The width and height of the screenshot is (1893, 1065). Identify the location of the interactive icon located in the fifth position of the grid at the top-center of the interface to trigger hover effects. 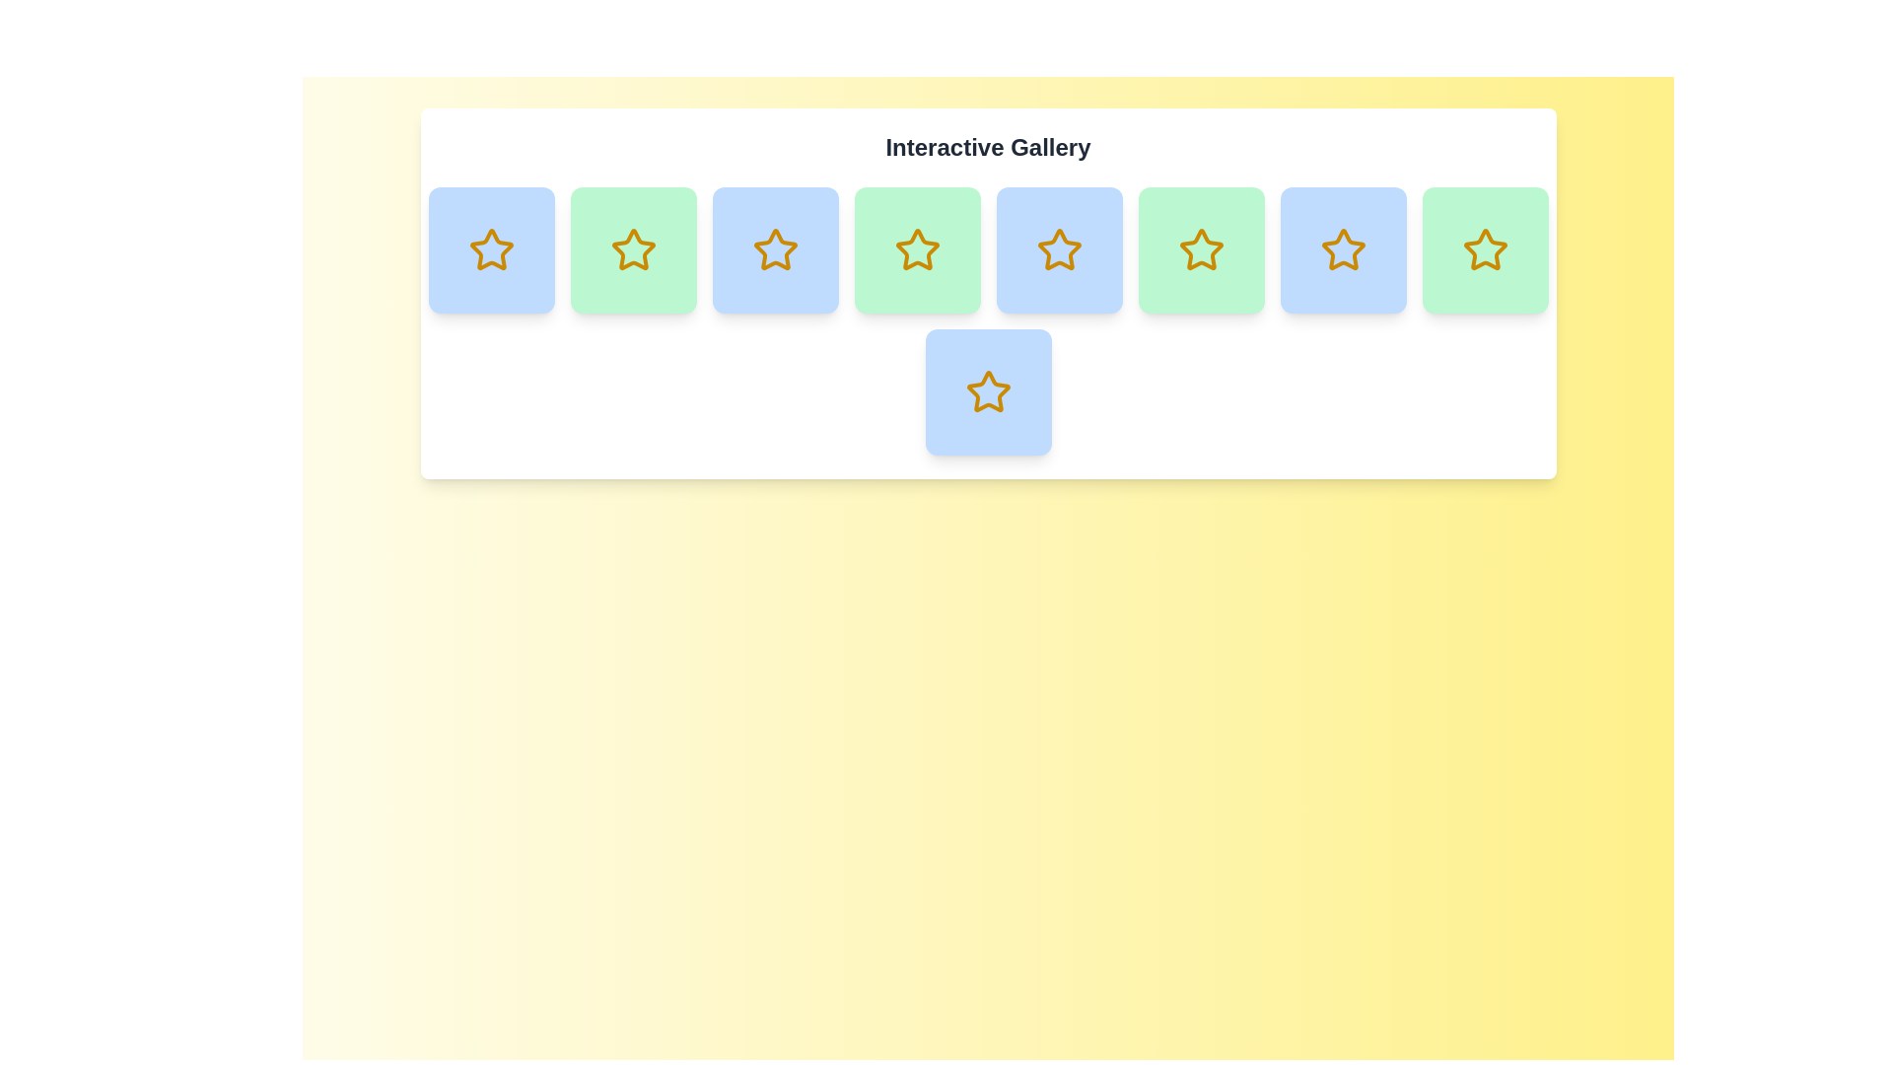
(1342, 249).